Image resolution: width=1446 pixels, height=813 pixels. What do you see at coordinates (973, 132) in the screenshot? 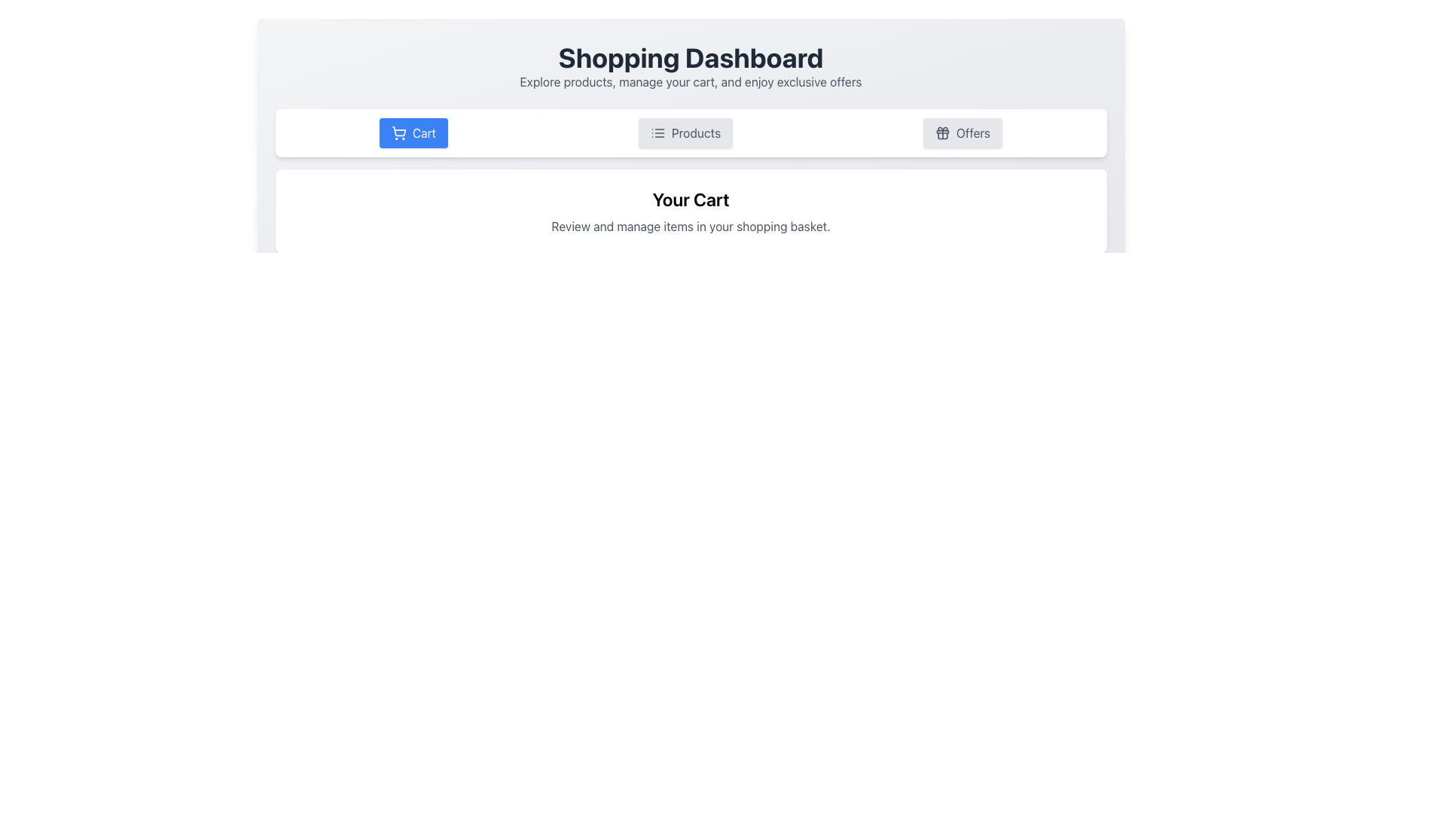
I see `the 'Offers' text label within the button located to the far-right` at bounding box center [973, 132].